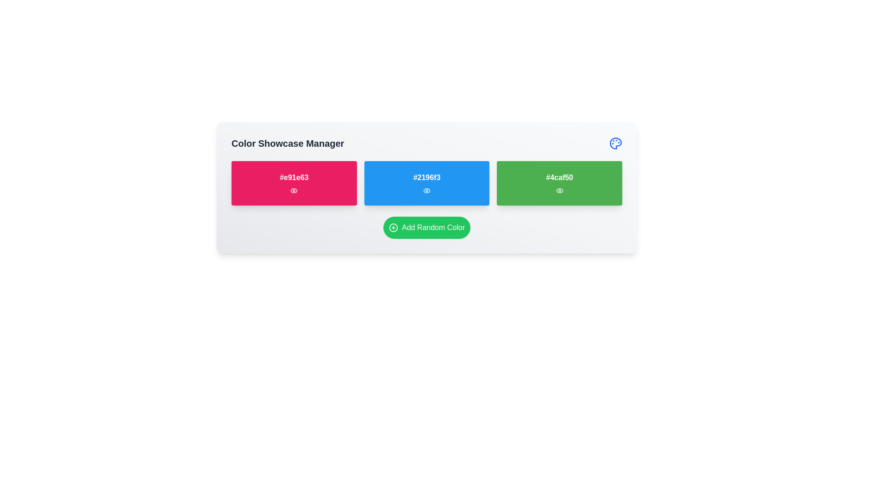  I want to click on the button located below the set of three colored panels, so click(426, 228).